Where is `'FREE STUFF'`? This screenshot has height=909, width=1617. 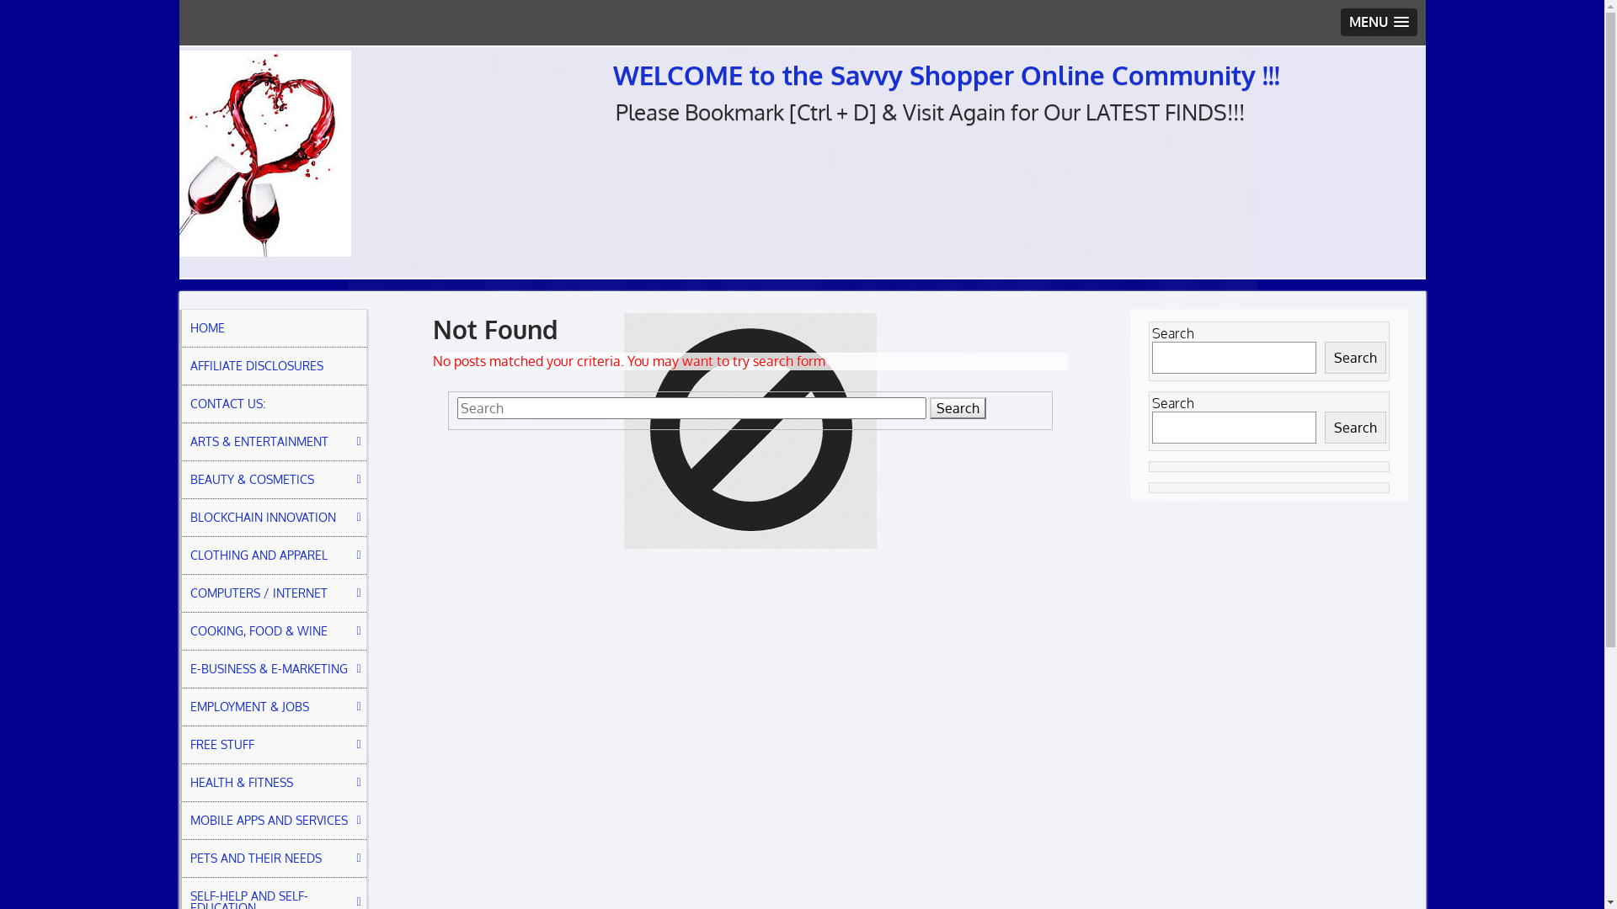
'FREE STUFF' is located at coordinates (178, 743).